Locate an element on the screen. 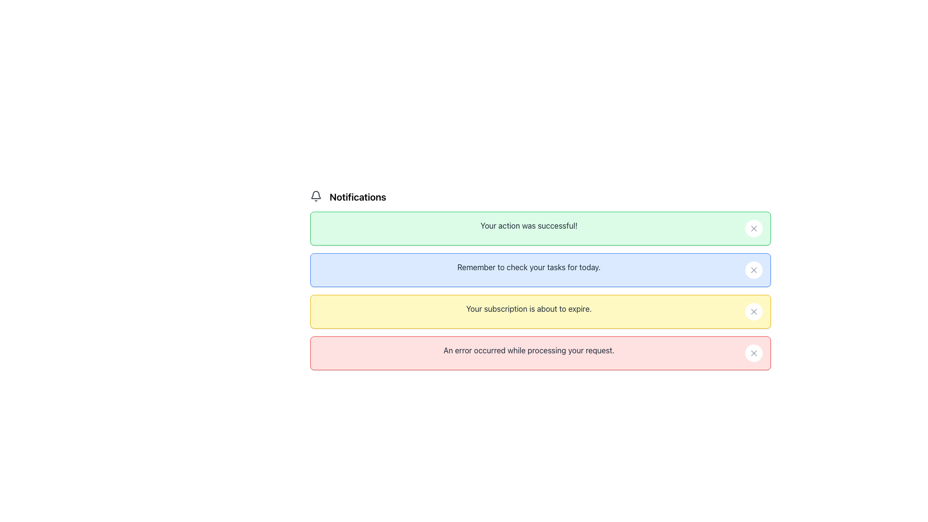  the static text element that displays 'Your subscription is about to expire.' within the third notification card, which has a yellow background and border is located at coordinates (528, 309).